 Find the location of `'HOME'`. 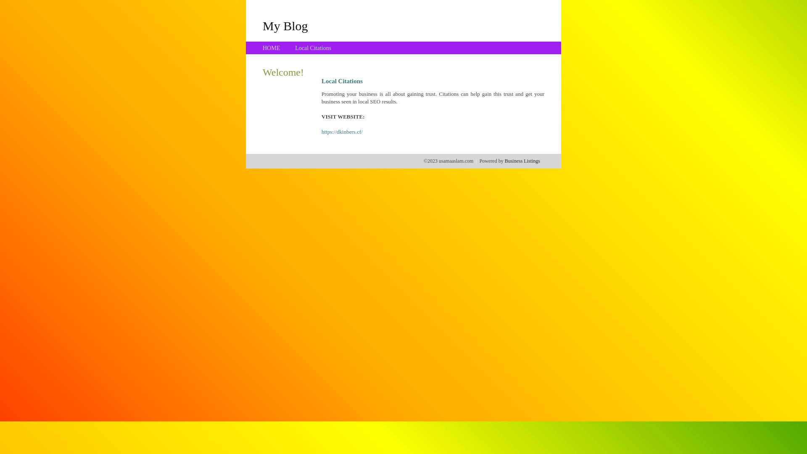

'HOME' is located at coordinates (271, 48).